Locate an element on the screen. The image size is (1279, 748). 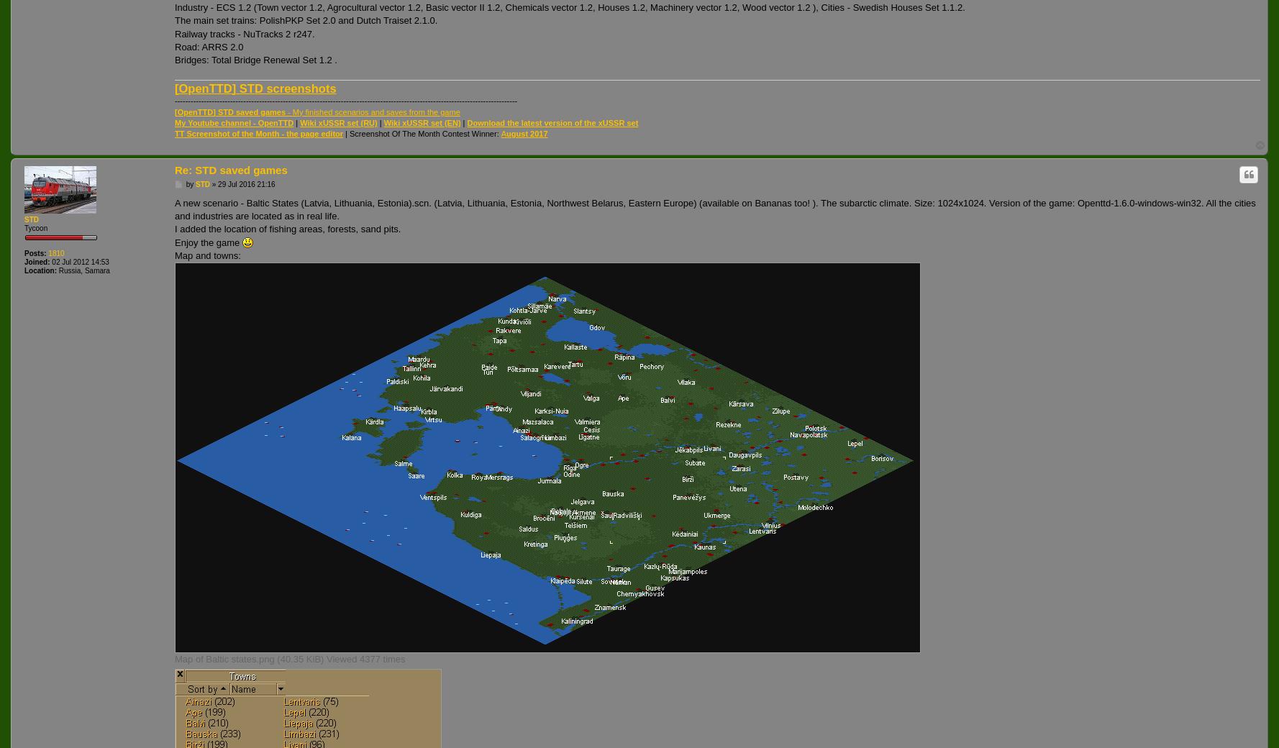
'Location:' is located at coordinates (40, 269).